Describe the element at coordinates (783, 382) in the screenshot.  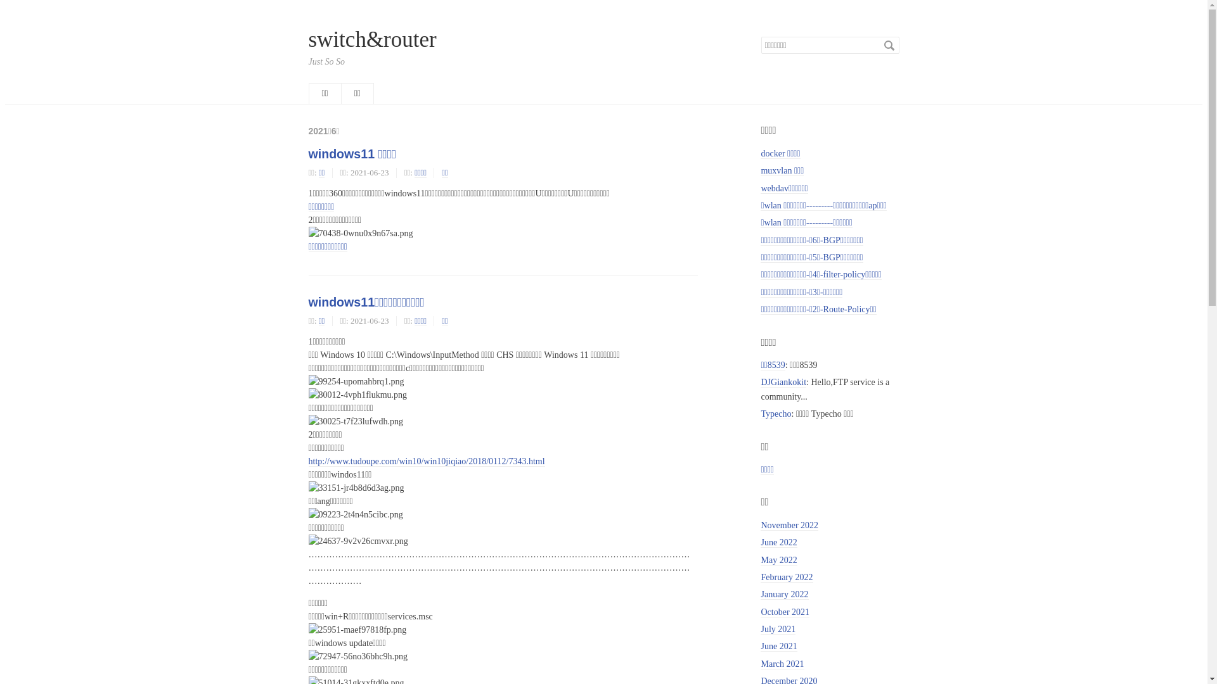
I see `'DJGiankokit'` at that location.